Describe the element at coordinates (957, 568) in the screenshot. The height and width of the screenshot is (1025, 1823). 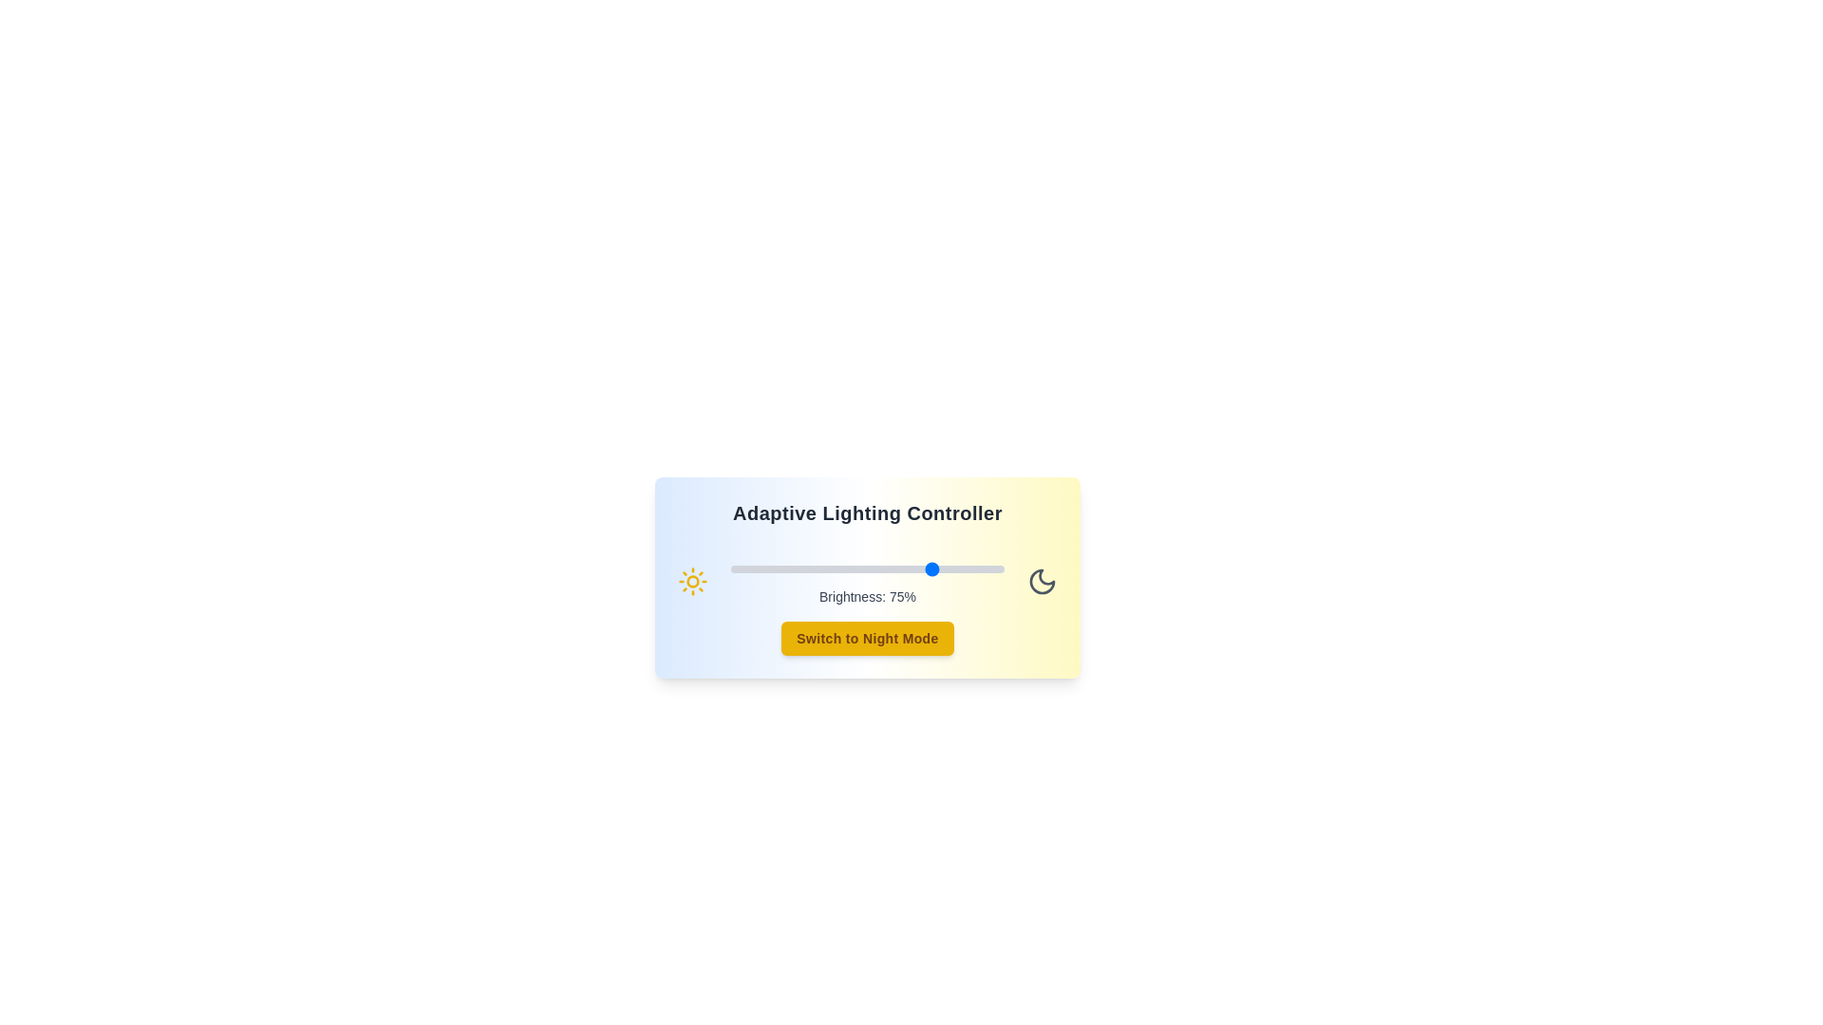
I see `the brightness level` at that location.